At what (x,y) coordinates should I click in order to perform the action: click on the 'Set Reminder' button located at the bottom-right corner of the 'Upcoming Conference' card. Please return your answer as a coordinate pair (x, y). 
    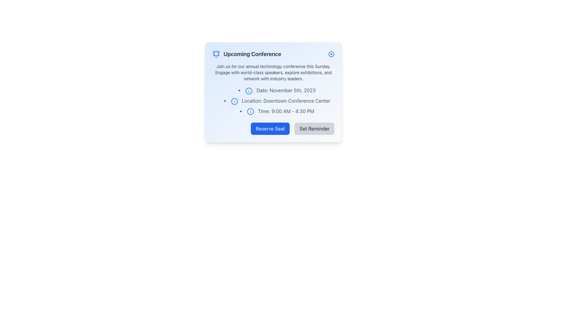
    Looking at the image, I should click on (315, 128).